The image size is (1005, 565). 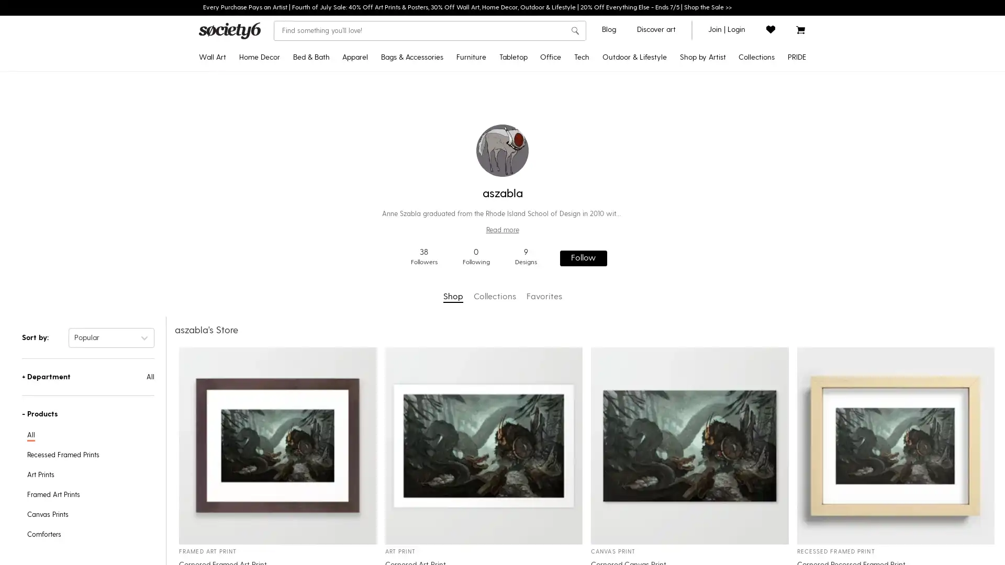 What do you see at coordinates (532, 167) in the screenshot?
I see `Coasters` at bounding box center [532, 167].